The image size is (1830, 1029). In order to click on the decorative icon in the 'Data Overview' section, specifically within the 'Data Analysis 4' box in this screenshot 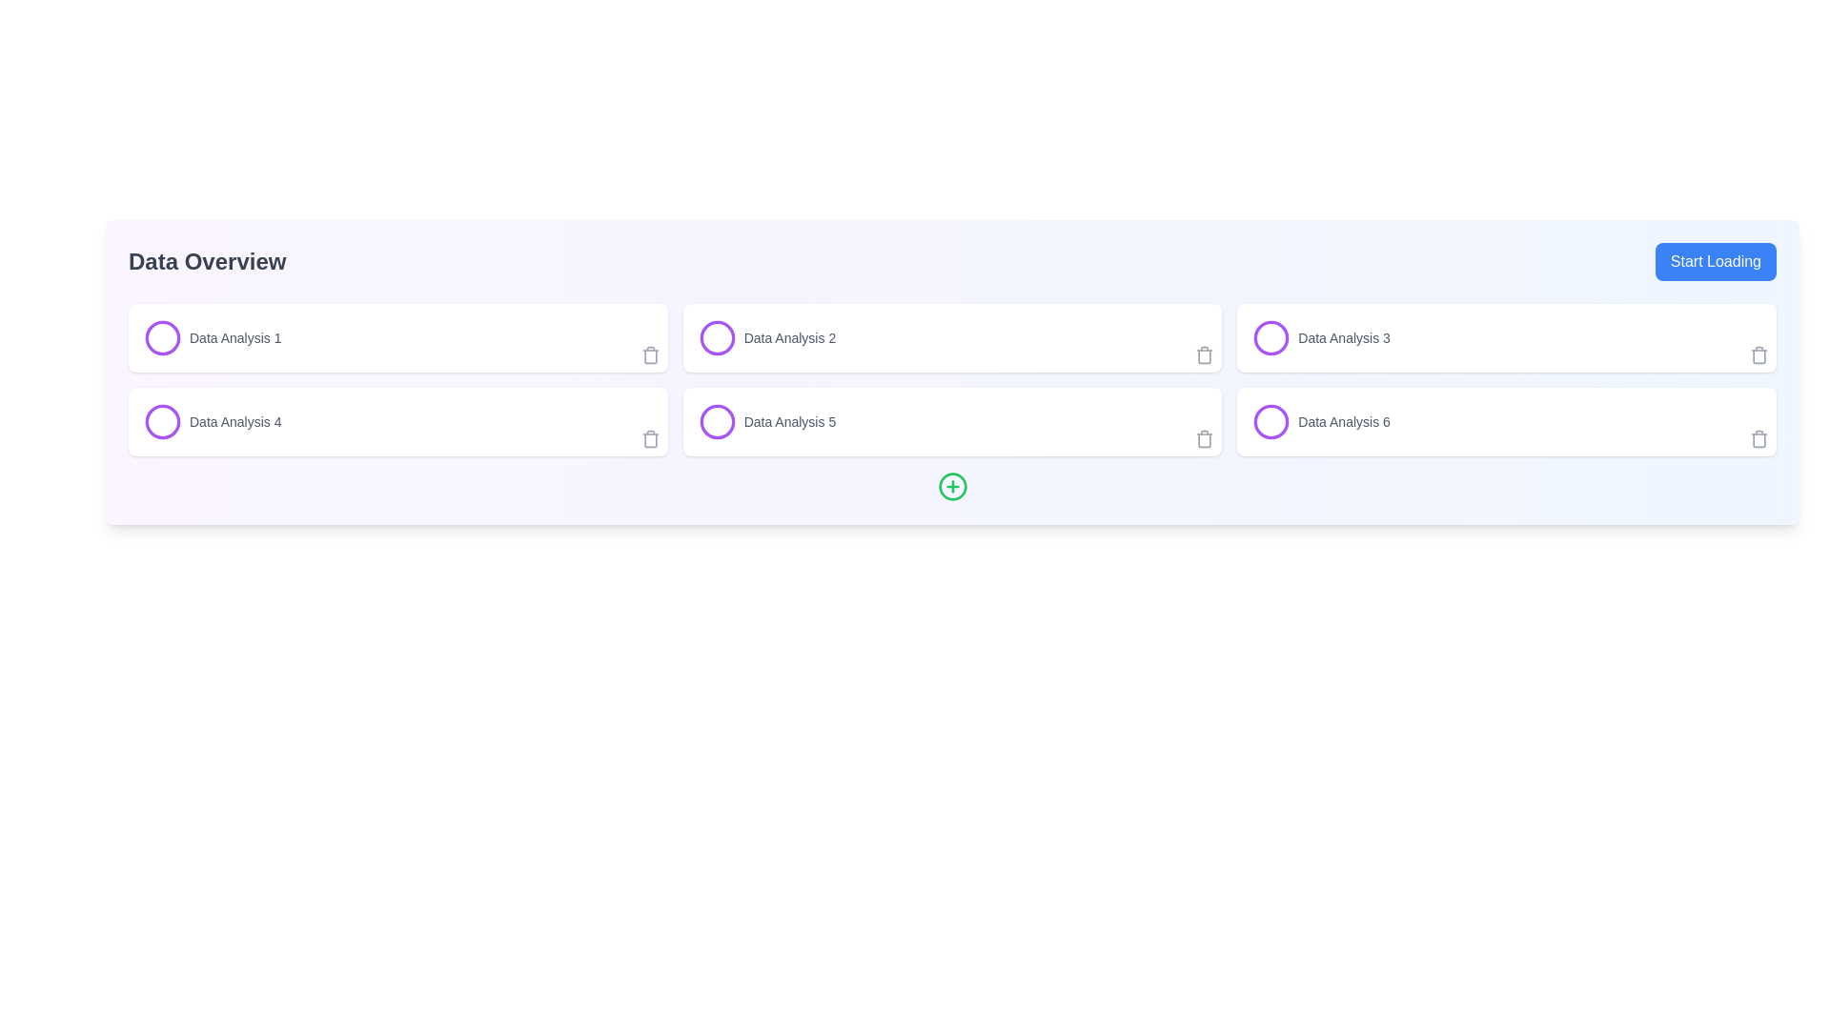, I will do `click(163, 421)`.